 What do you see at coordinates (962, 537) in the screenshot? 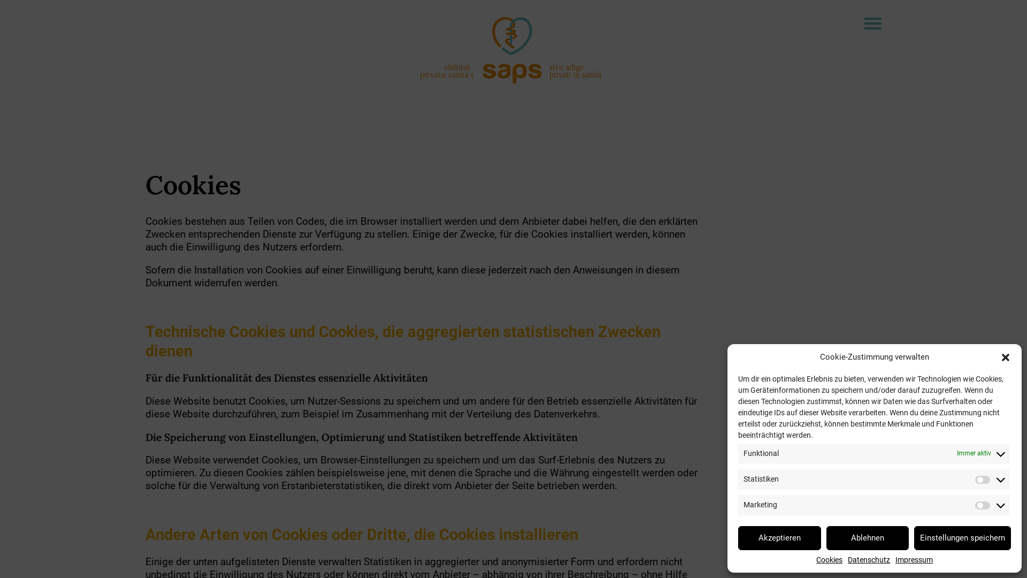
I see `'Einstellungen speichern'` at bounding box center [962, 537].